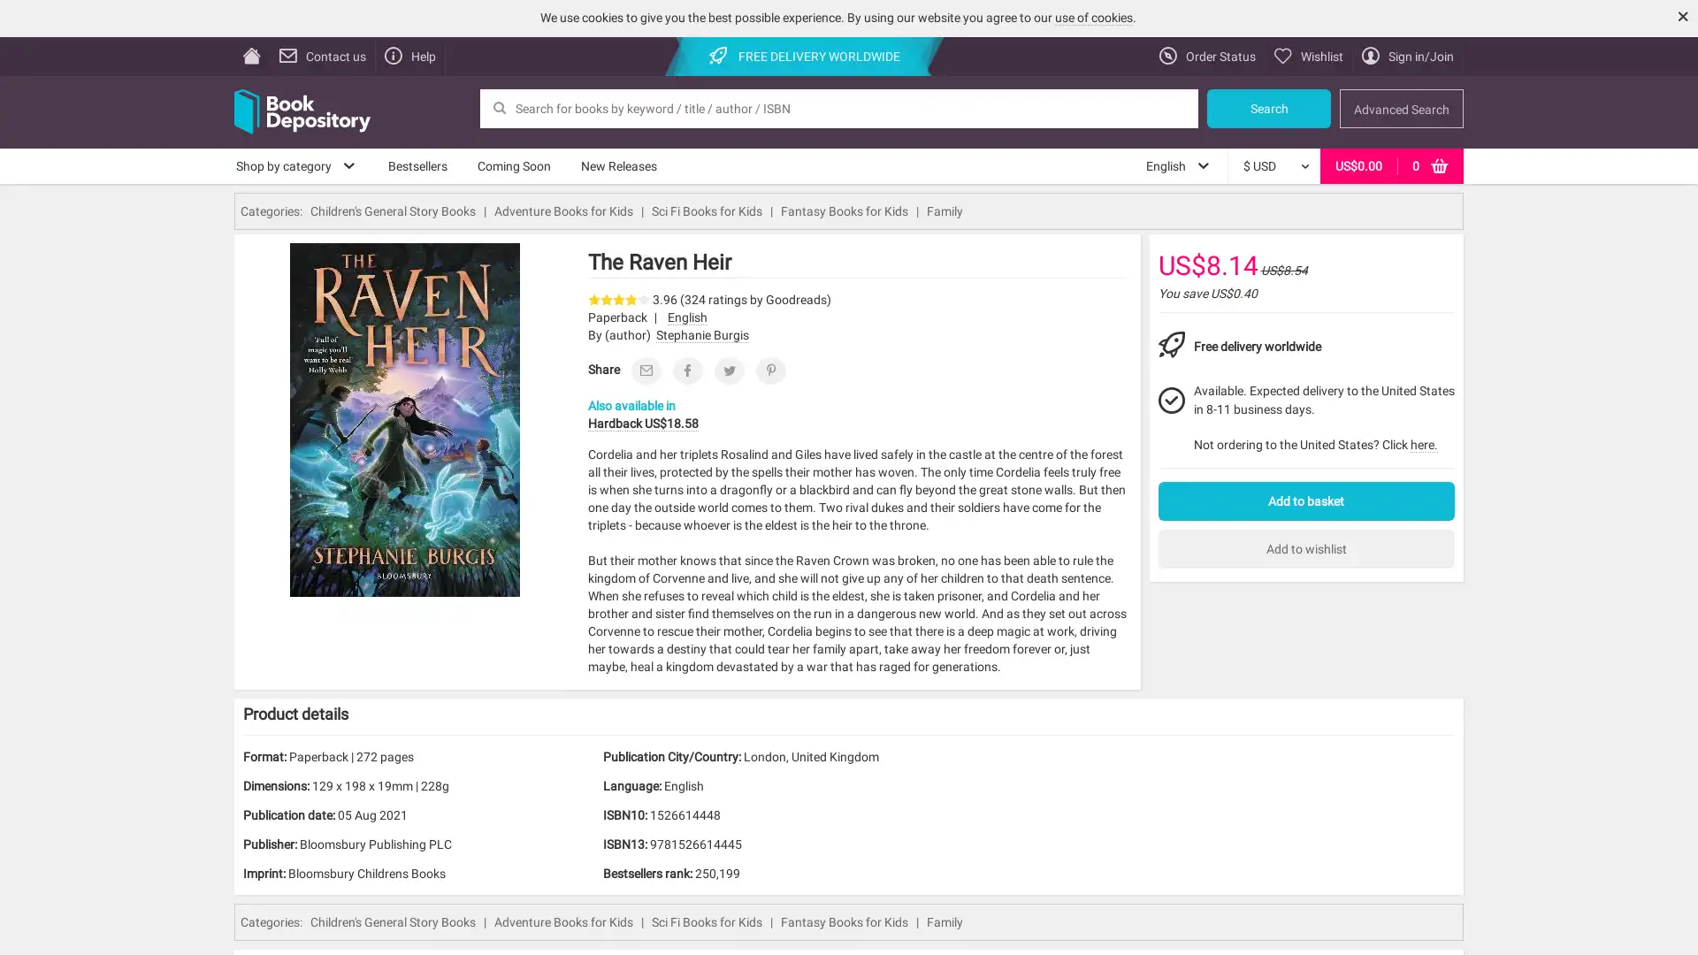 This screenshot has height=955, width=1698. I want to click on Search, so click(1268, 108).